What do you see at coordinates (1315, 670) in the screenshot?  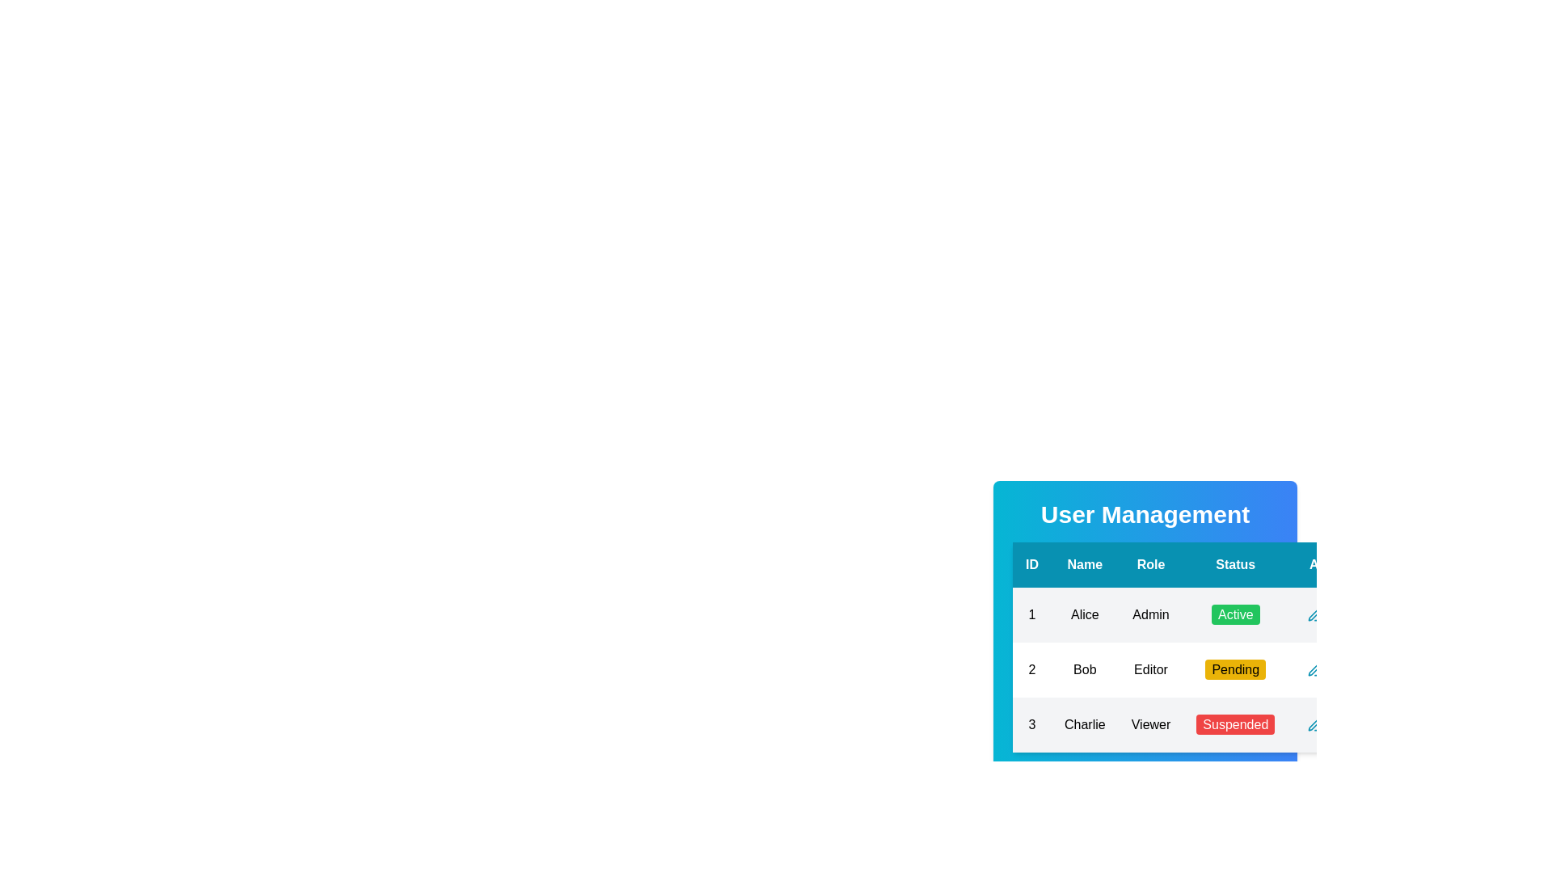 I see `the cyan pen icon button located next to the 'Pending' status tag for user 'Bob' in the 'User Management' table` at bounding box center [1315, 670].